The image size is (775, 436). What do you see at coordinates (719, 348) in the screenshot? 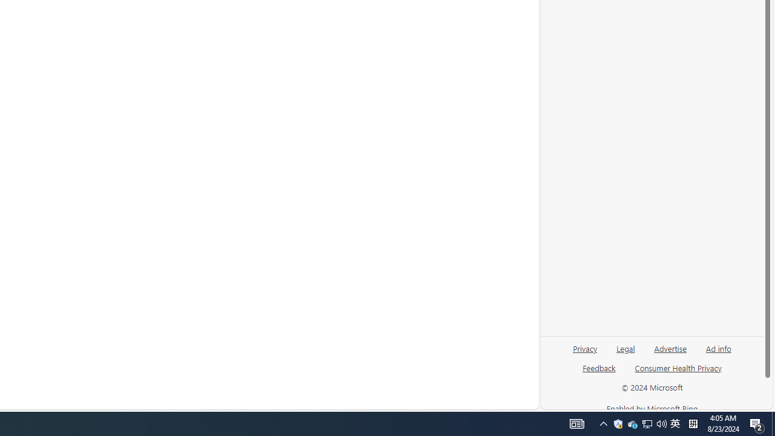
I see `'Ad info'` at bounding box center [719, 348].